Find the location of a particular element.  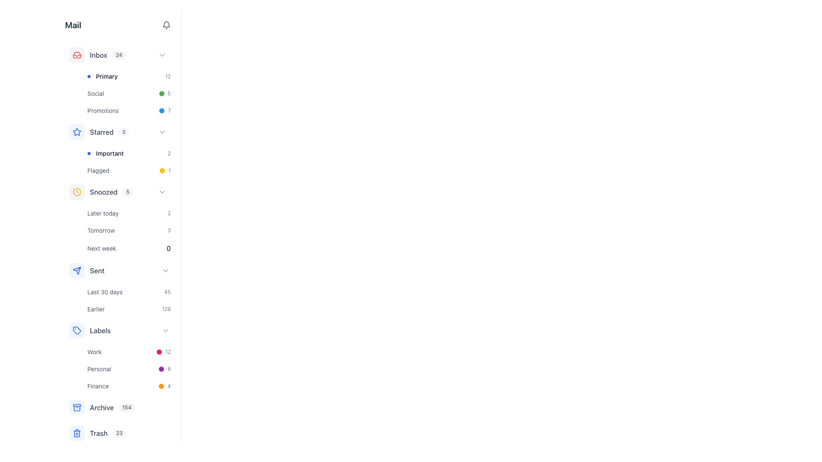

the small text label displaying the number '7' in a grayish hue, located to the right of a blue circular dot in the 'Primary' section of email categories is located at coordinates (169, 110).